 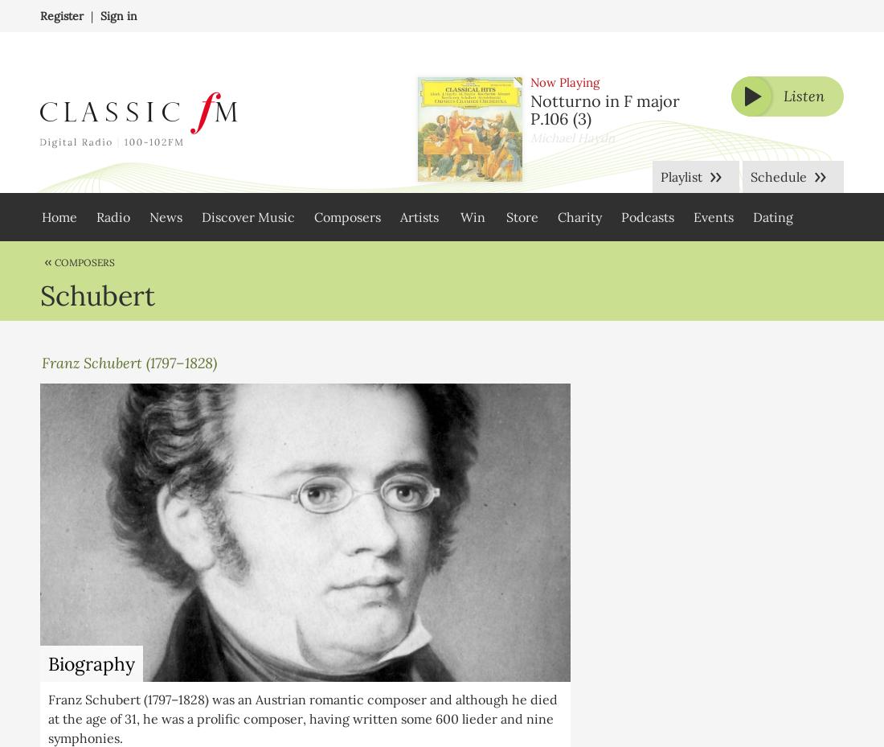 I want to click on 'Franz Schubert (1797–1828)', so click(x=129, y=362).